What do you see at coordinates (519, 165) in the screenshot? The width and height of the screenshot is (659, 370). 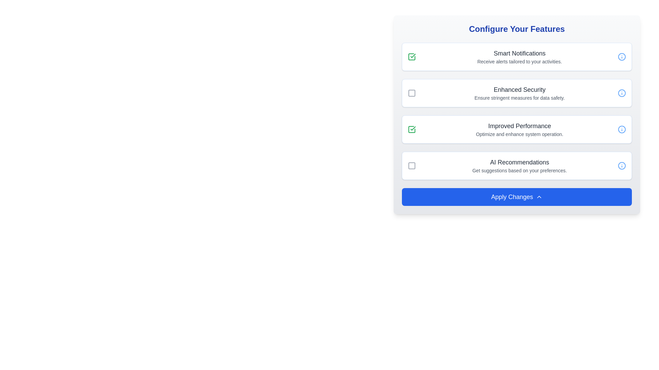 I see `the 'AI Recommendations' text display element, which features two lines of text: 'AI Recommendations' in bold dark gray and 'Get suggestions based on your preferences.' in lighter gray, positioned above the blue 'Apply Changes' button` at bounding box center [519, 165].